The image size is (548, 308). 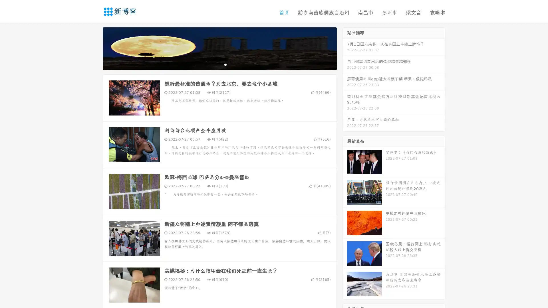 I want to click on Go to slide 1, so click(x=213, y=64).